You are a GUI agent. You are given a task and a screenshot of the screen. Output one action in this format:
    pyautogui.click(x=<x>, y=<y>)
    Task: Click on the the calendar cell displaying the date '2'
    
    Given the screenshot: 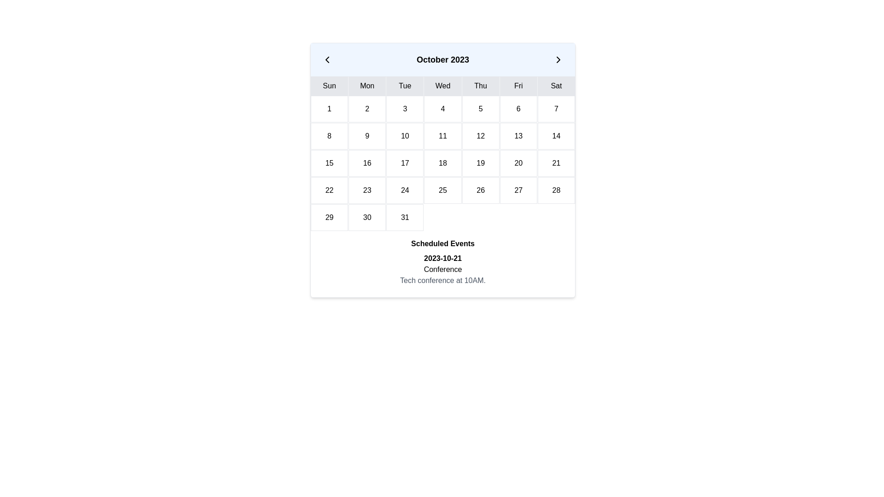 What is the action you would take?
    pyautogui.click(x=366, y=108)
    